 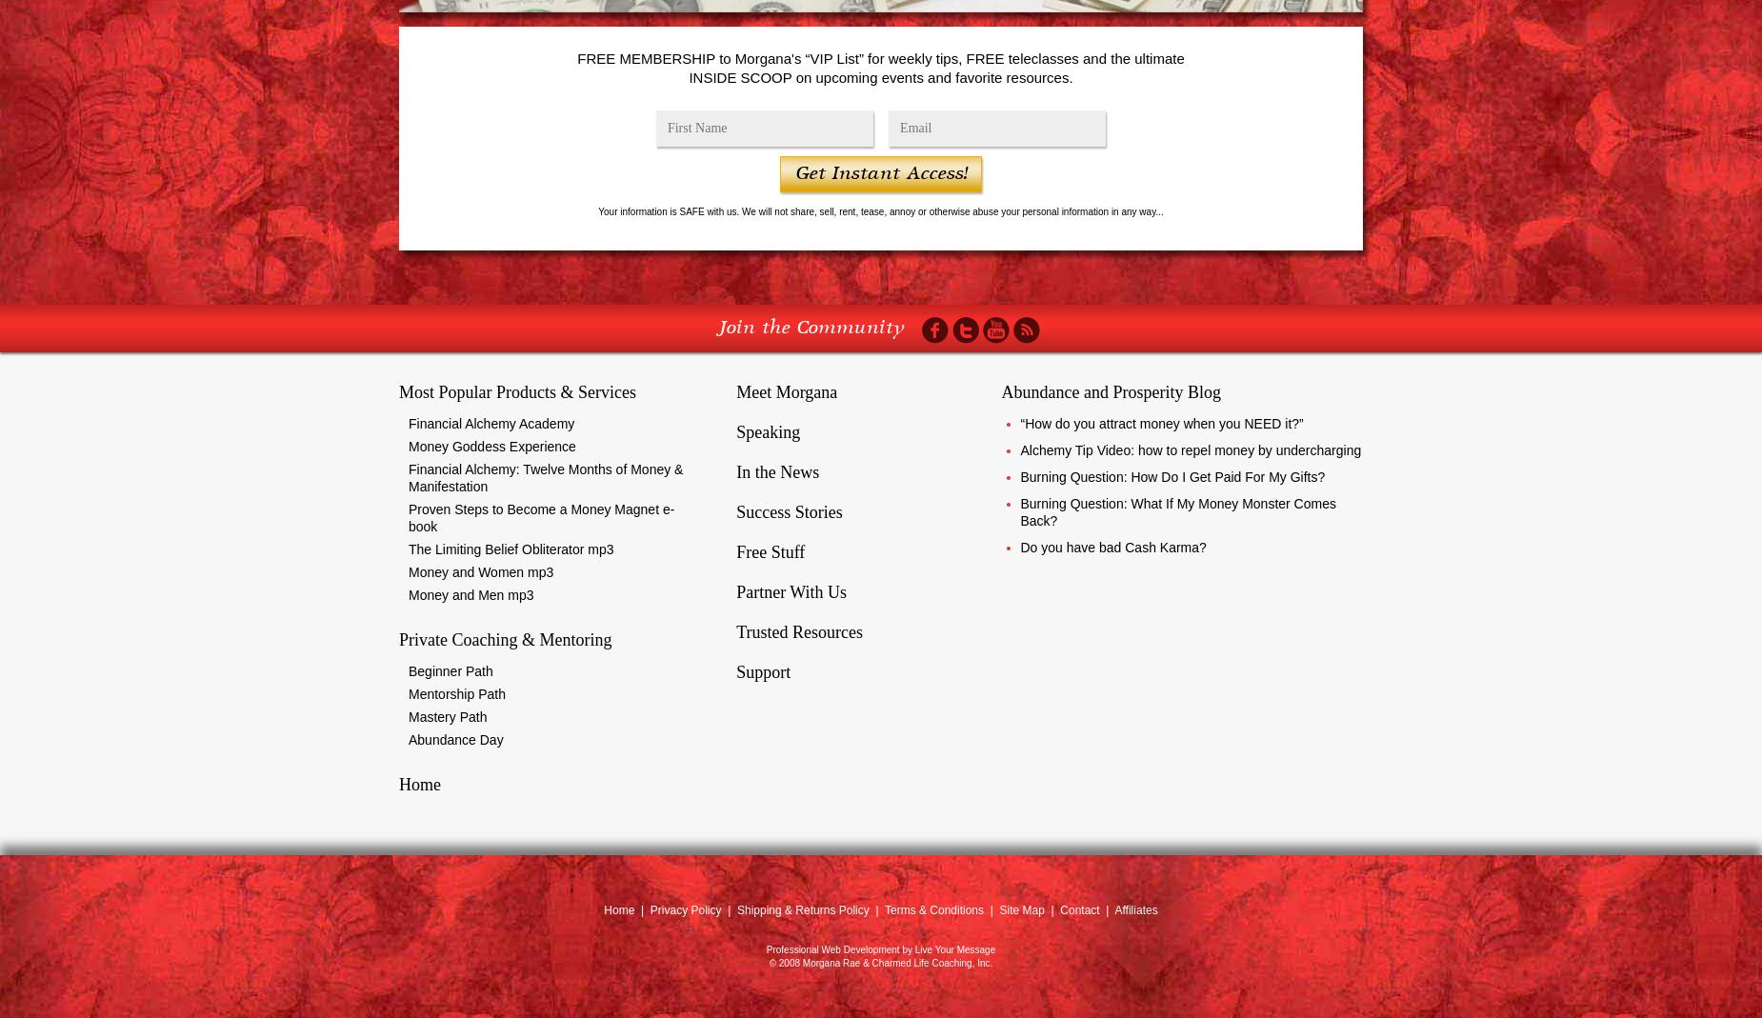 I want to click on 'Money and Women mp3', so click(x=408, y=571).